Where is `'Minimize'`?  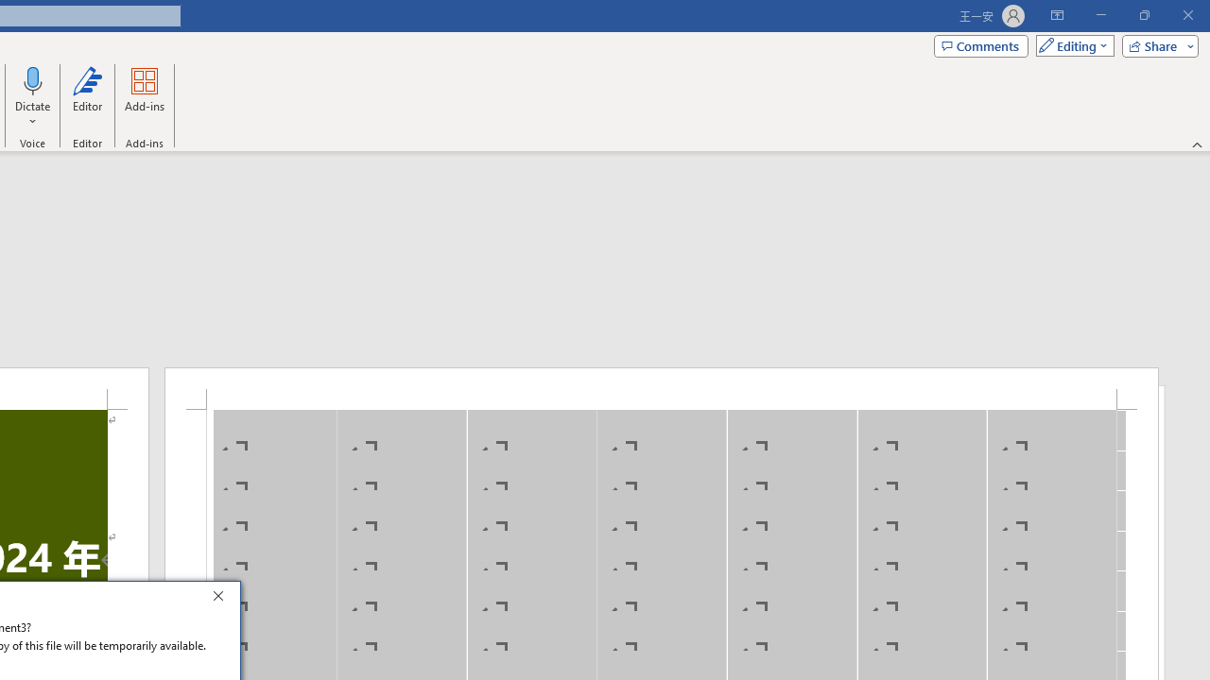
'Minimize' is located at coordinates (1100, 15).